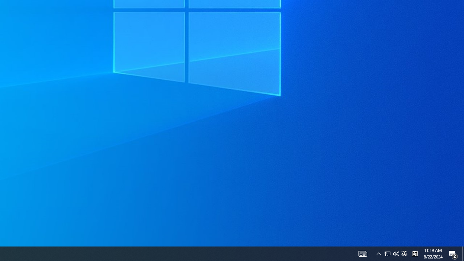 This screenshot has height=261, width=464. I want to click on 'User Promoted Notification Area', so click(391, 253).